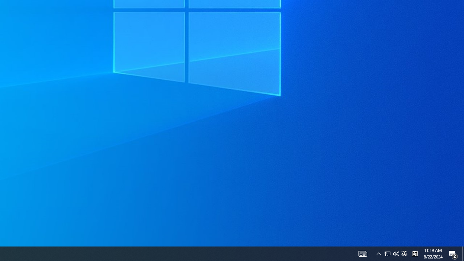 This screenshot has height=261, width=464. I want to click on 'User Promoted Notification Area', so click(391, 253).